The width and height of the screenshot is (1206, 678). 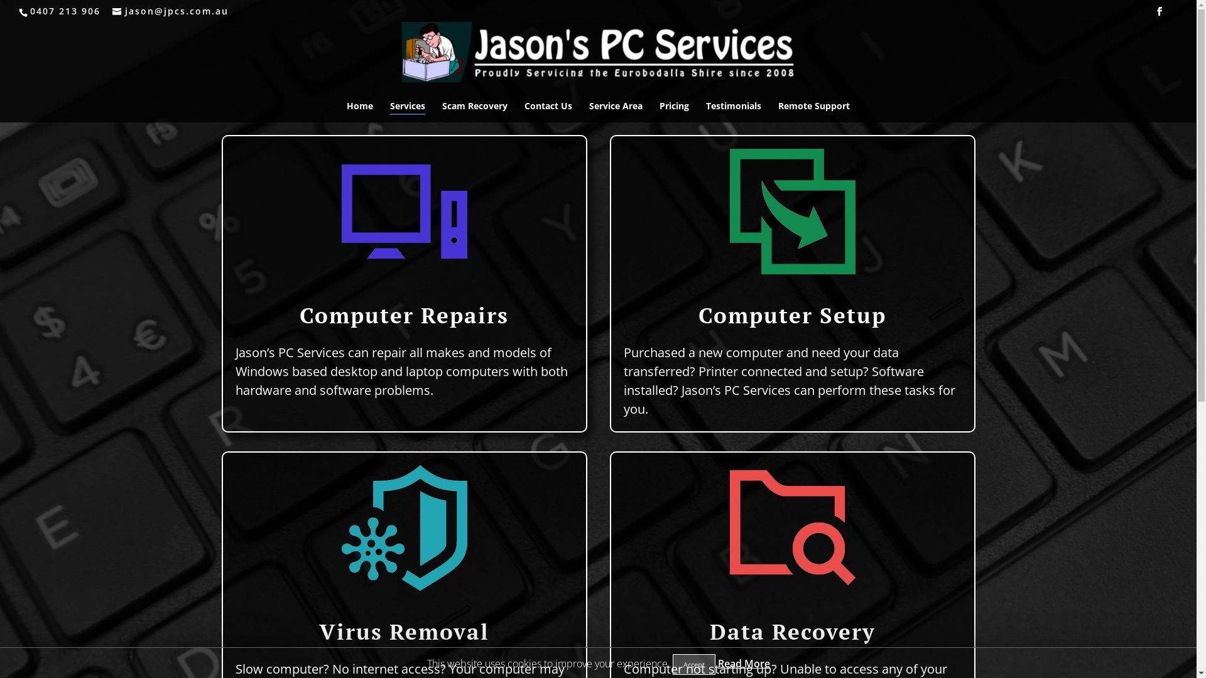 I want to click on 'Scam Recovery', so click(x=474, y=110).